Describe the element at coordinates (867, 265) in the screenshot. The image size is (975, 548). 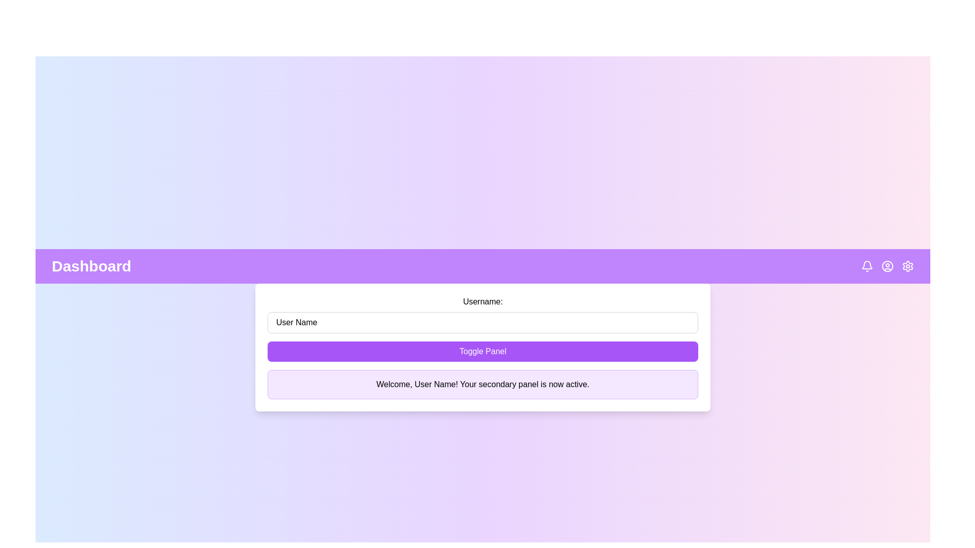
I see `the bell-shaped icon button in the navigation bar` at that location.